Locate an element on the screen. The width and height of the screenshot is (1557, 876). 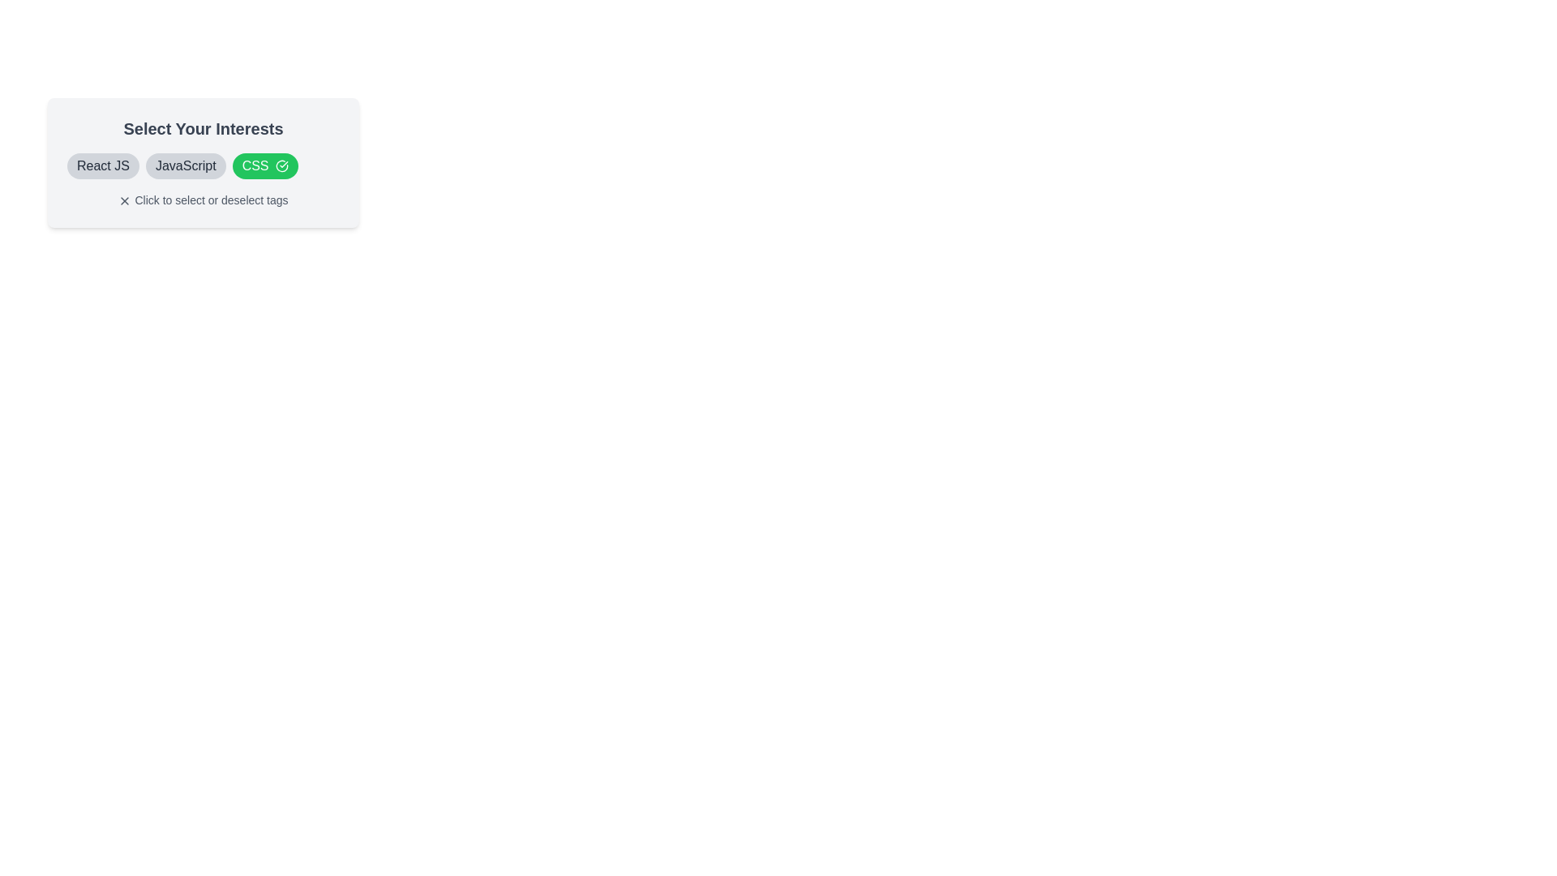
the circular outline shape within the 'lucide-circle-check-big' SVG icon, located to the right of the 'CSS' tag is located at coordinates (281, 165).